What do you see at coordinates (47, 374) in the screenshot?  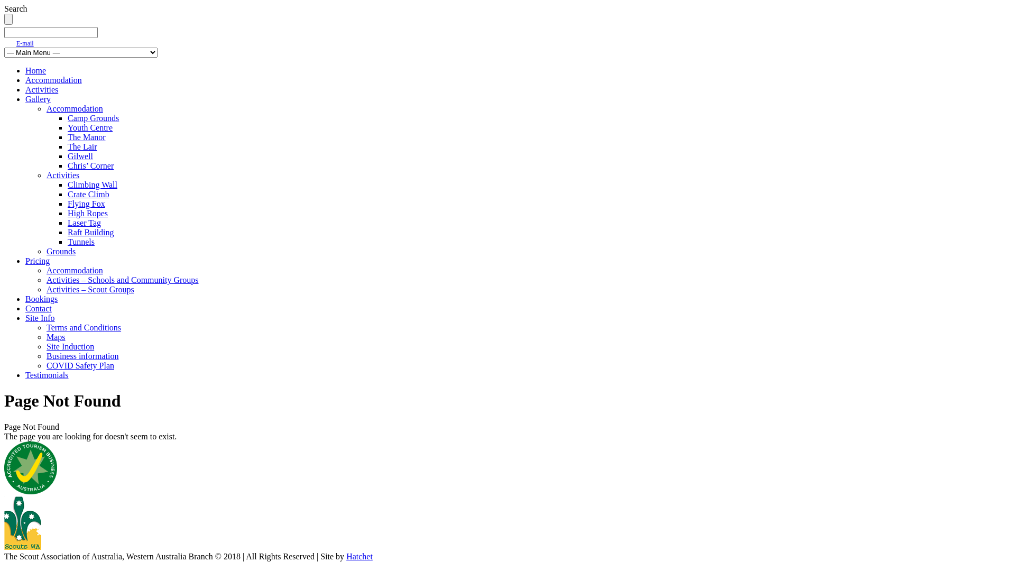 I see `'Testimonials'` at bounding box center [47, 374].